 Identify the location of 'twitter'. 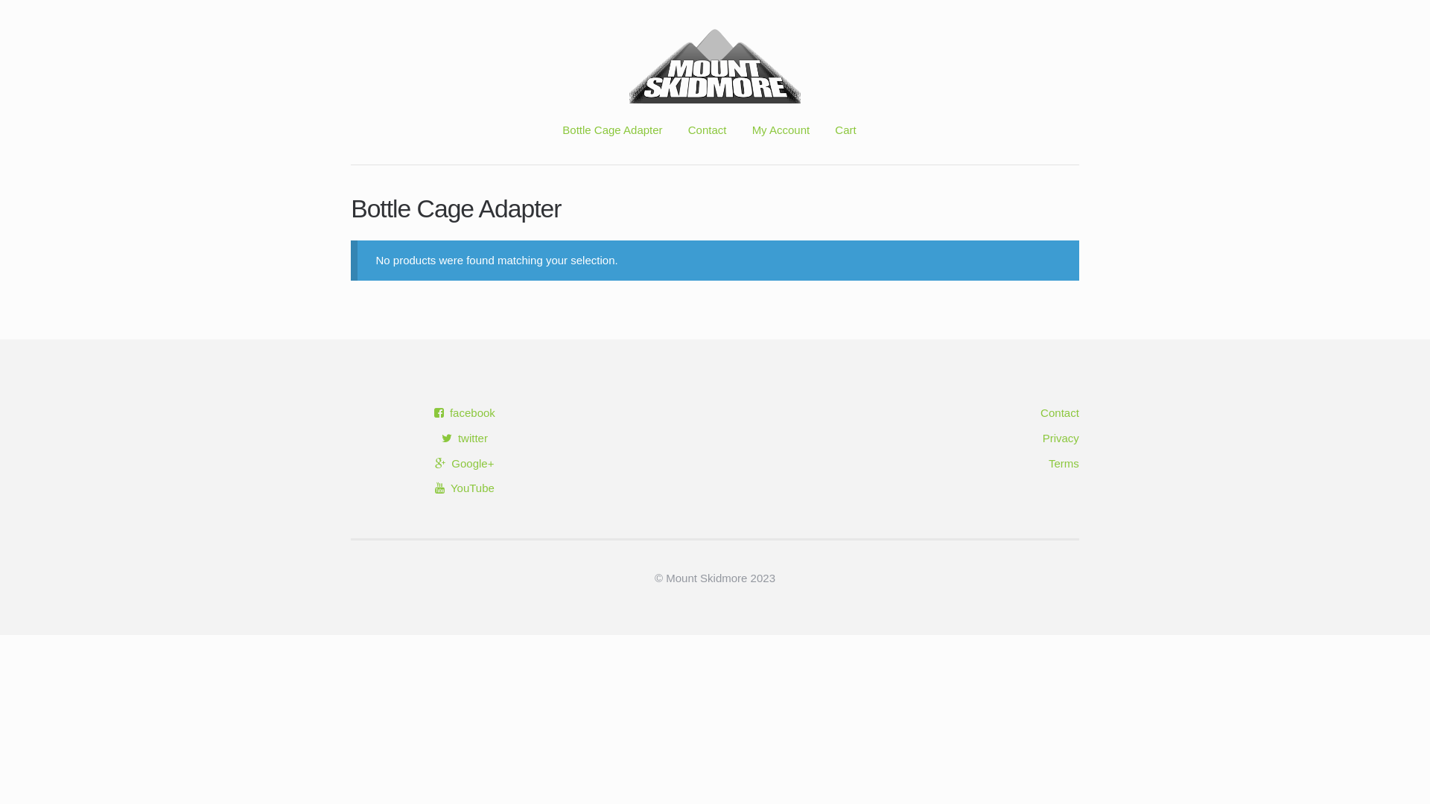
(464, 437).